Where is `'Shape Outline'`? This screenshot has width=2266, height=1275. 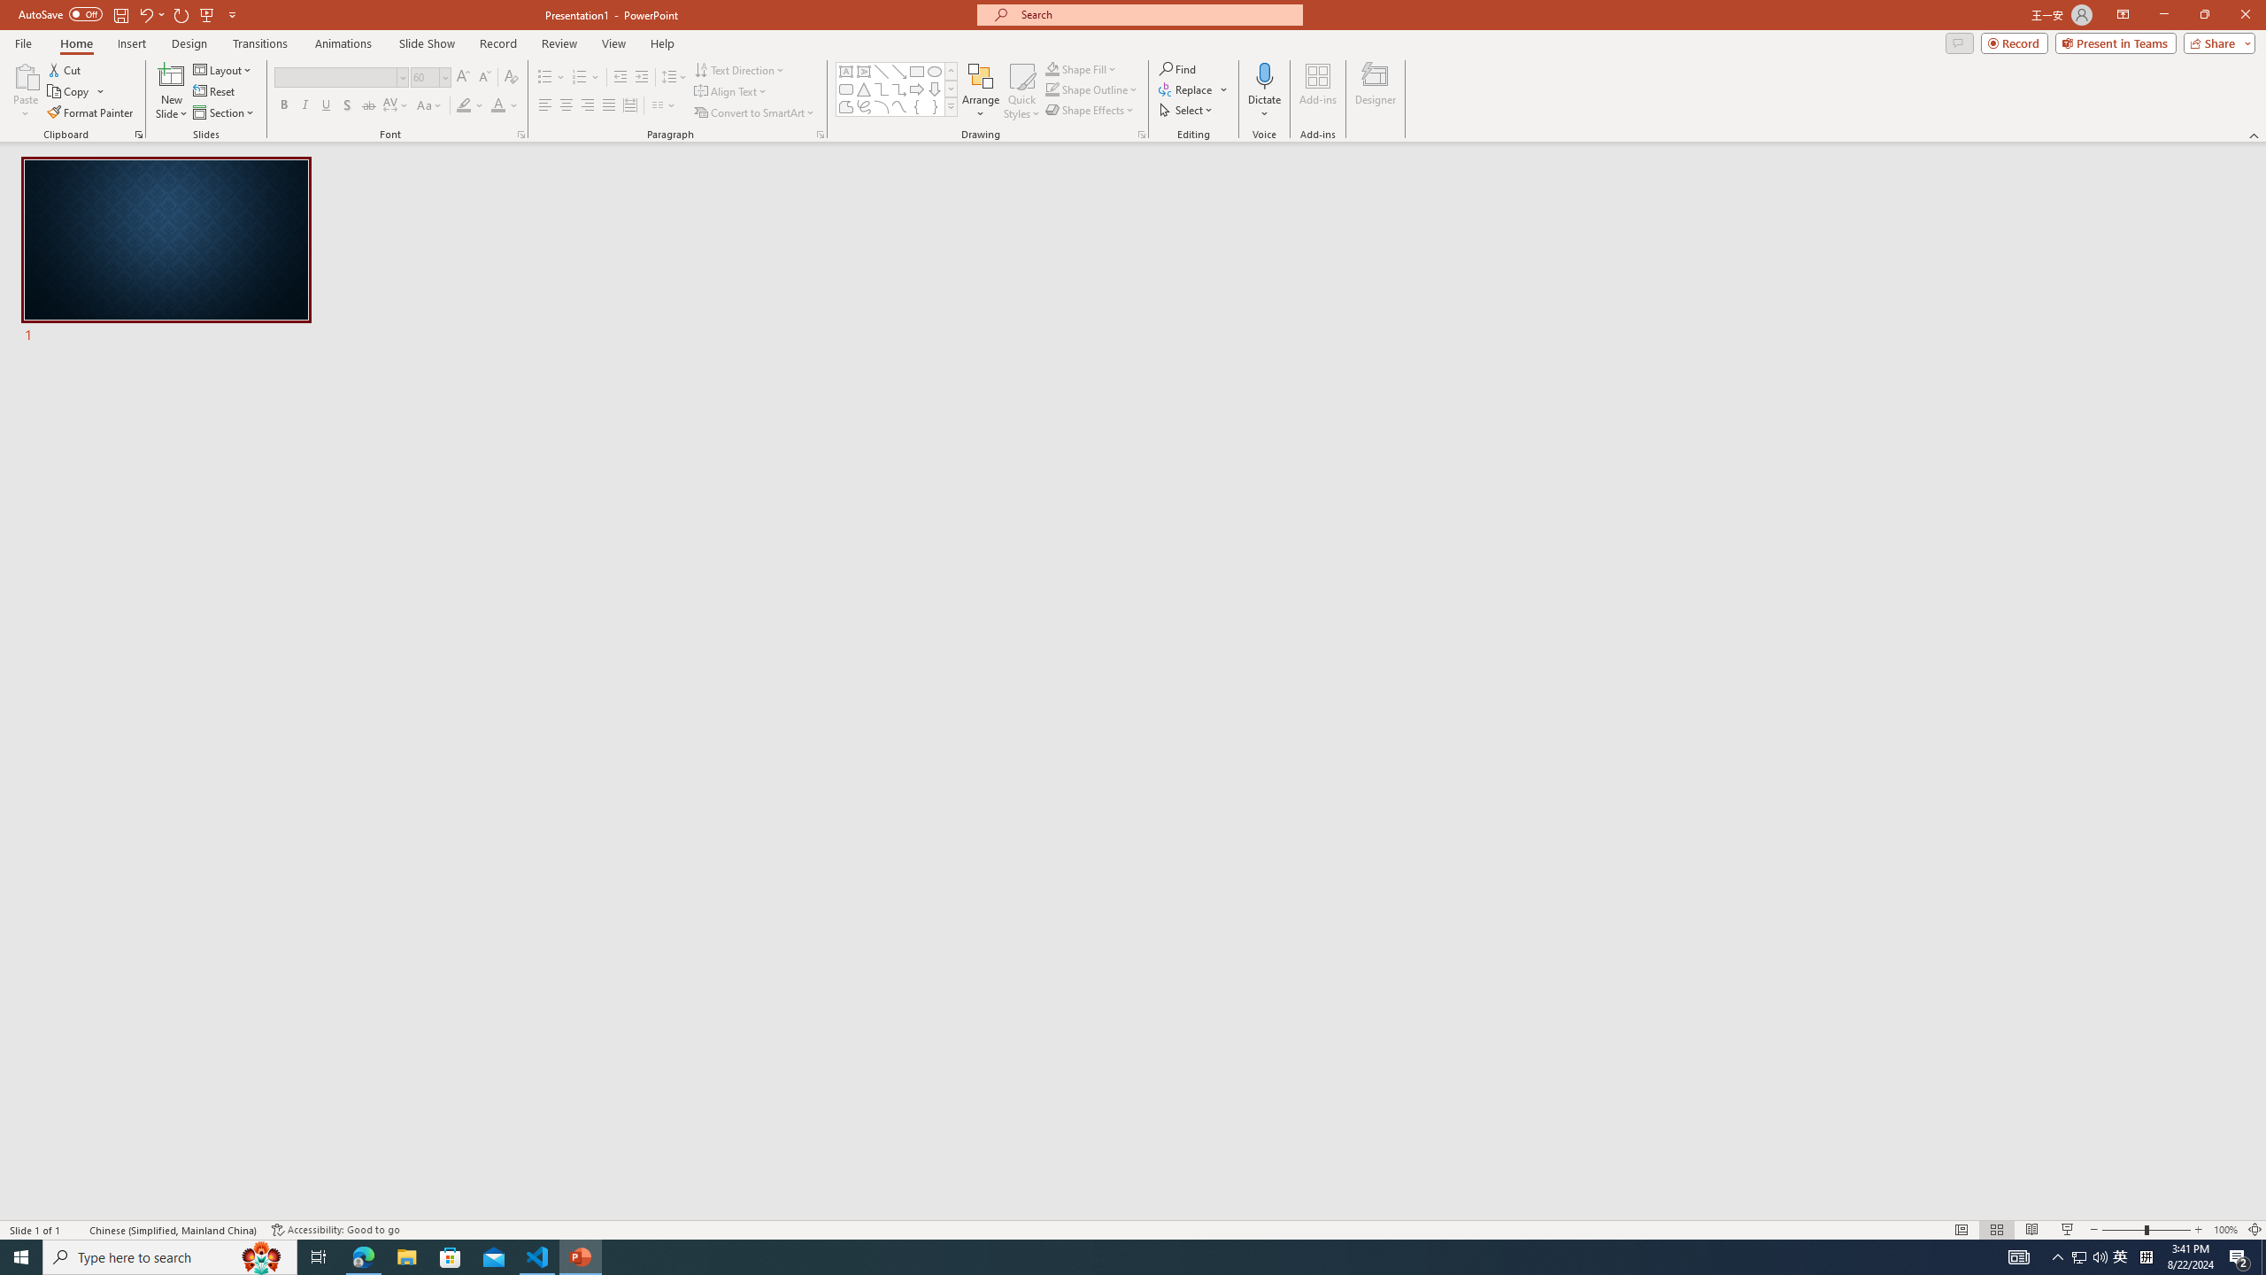 'Shape Outline' is located at coordinates (1091, 88).